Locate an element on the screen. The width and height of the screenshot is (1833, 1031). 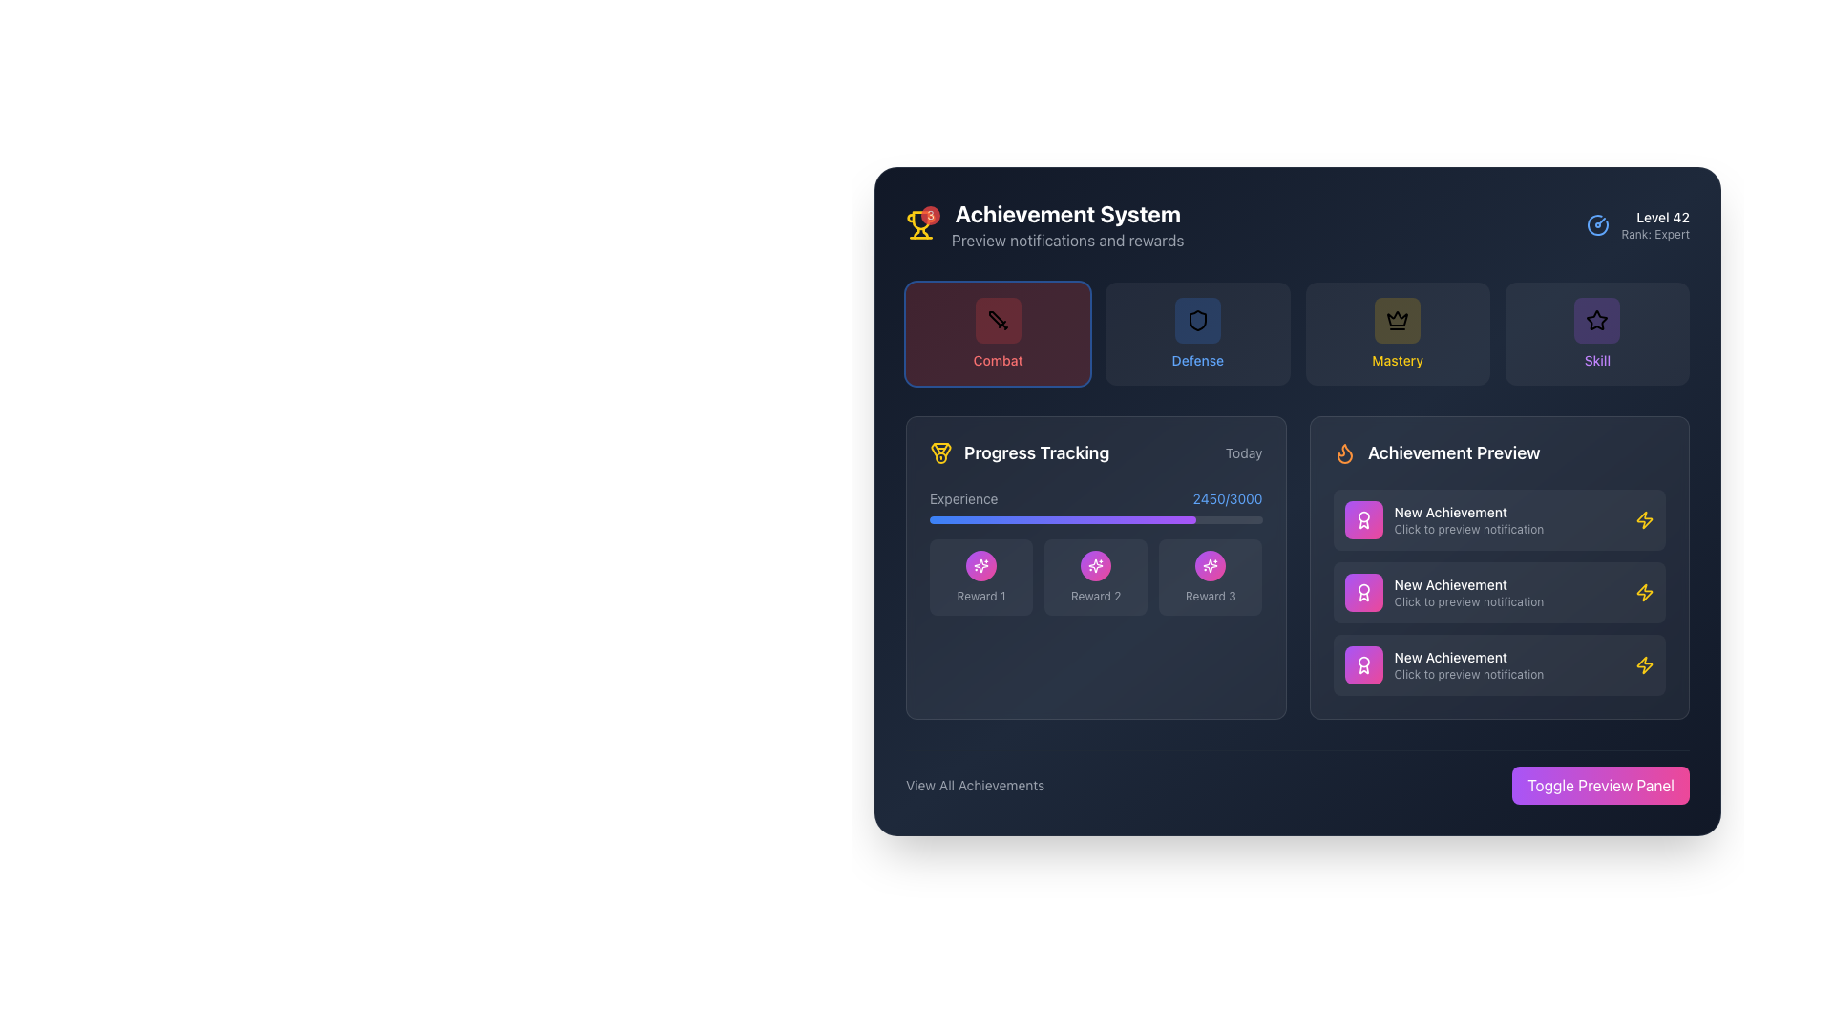
the primary icon in the 'Defense' tab section, which is the second icon from the left in the group of tabs located just below the 'Achievement System' title, to potentially reveal additional information or visual feedback is located at coordinates (1196, 319).